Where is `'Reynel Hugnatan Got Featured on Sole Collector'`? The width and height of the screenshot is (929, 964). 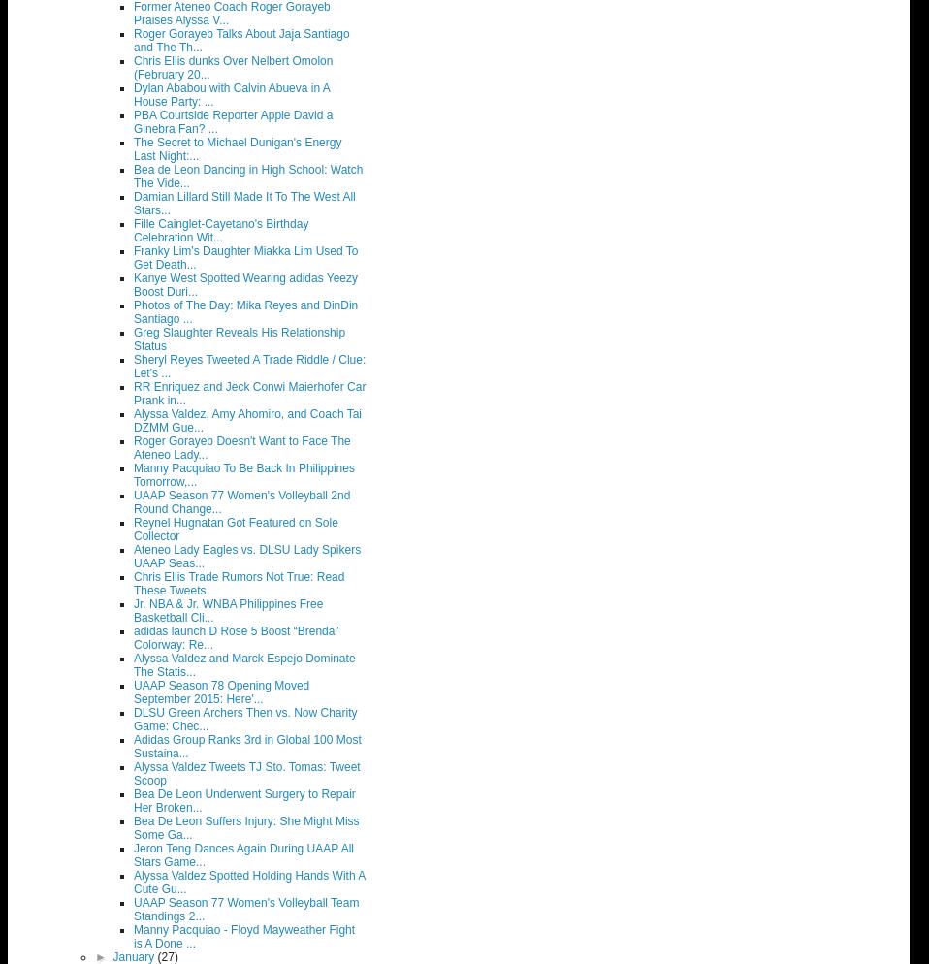
'Reynel Hugnatan Got Featured on Sole Collector' is located at coordinates (134, 529).